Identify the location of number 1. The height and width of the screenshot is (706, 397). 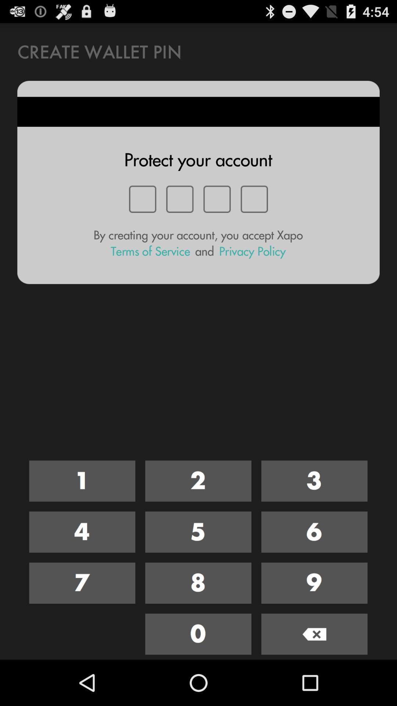
(82, 481).